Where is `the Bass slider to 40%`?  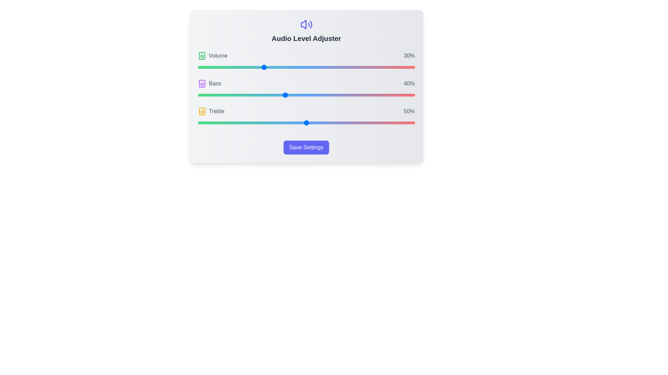 the Bass slider to 40% is located at coordinates (285, 95).